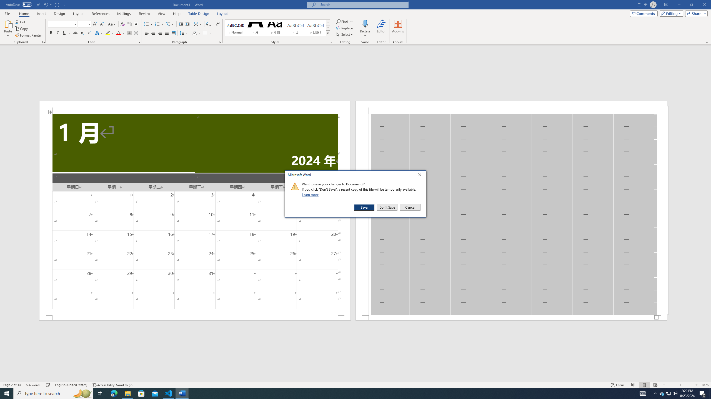  Describe the element at coordinates (47, 4) in the screenshot. I see `'Undo Apply Quick Style'` at that location.